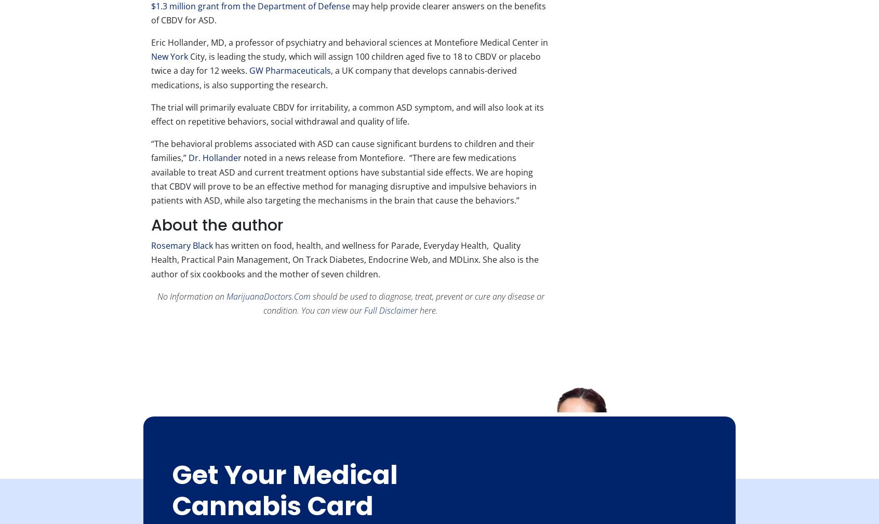 Image resolution: width=879 pixels, height=524 pixels. What do you see at coordinates (217, 224) in the screenshot?
I see `'About the author'` at bounding box center [217, 224].